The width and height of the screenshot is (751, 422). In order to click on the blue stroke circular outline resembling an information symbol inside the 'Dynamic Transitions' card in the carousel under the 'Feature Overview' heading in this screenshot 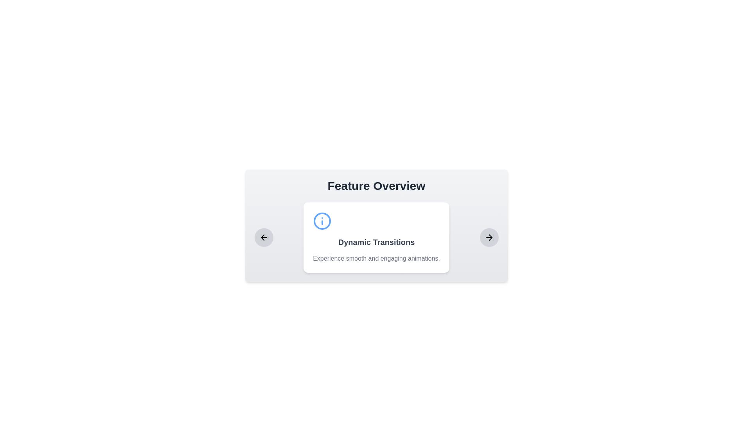, I will do `click(322, 221)`.